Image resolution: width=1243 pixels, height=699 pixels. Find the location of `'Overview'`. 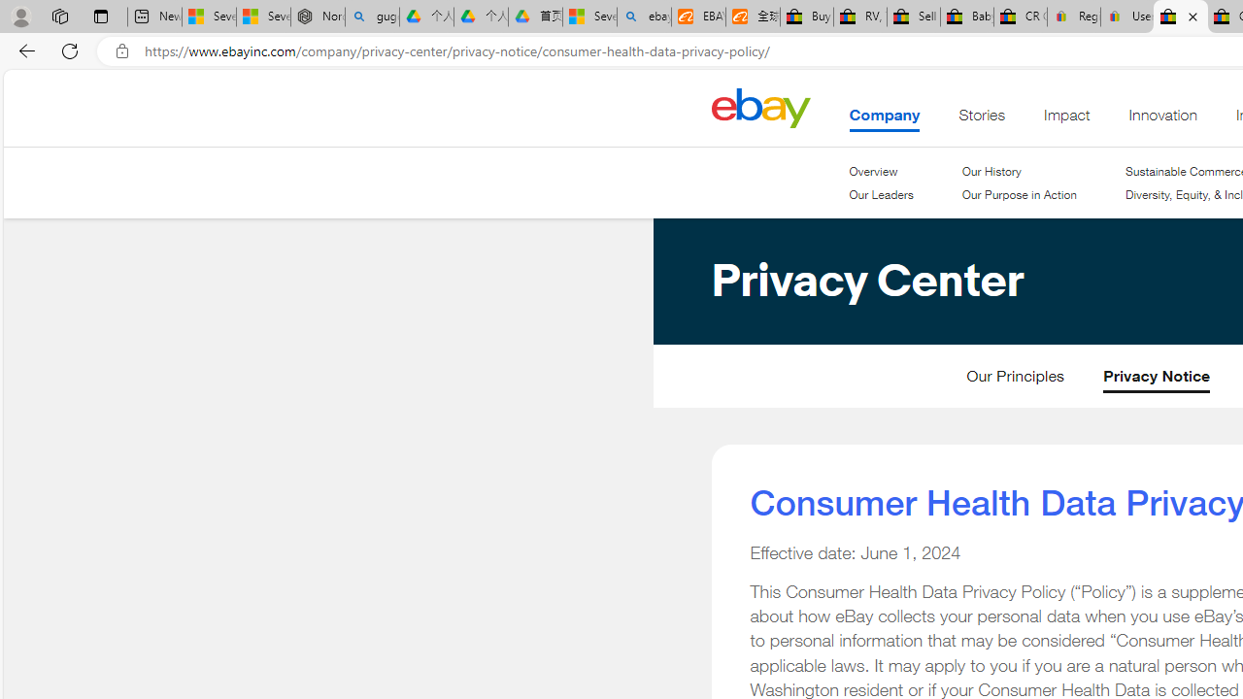

'Overview' is located at coordinates (872, 170).